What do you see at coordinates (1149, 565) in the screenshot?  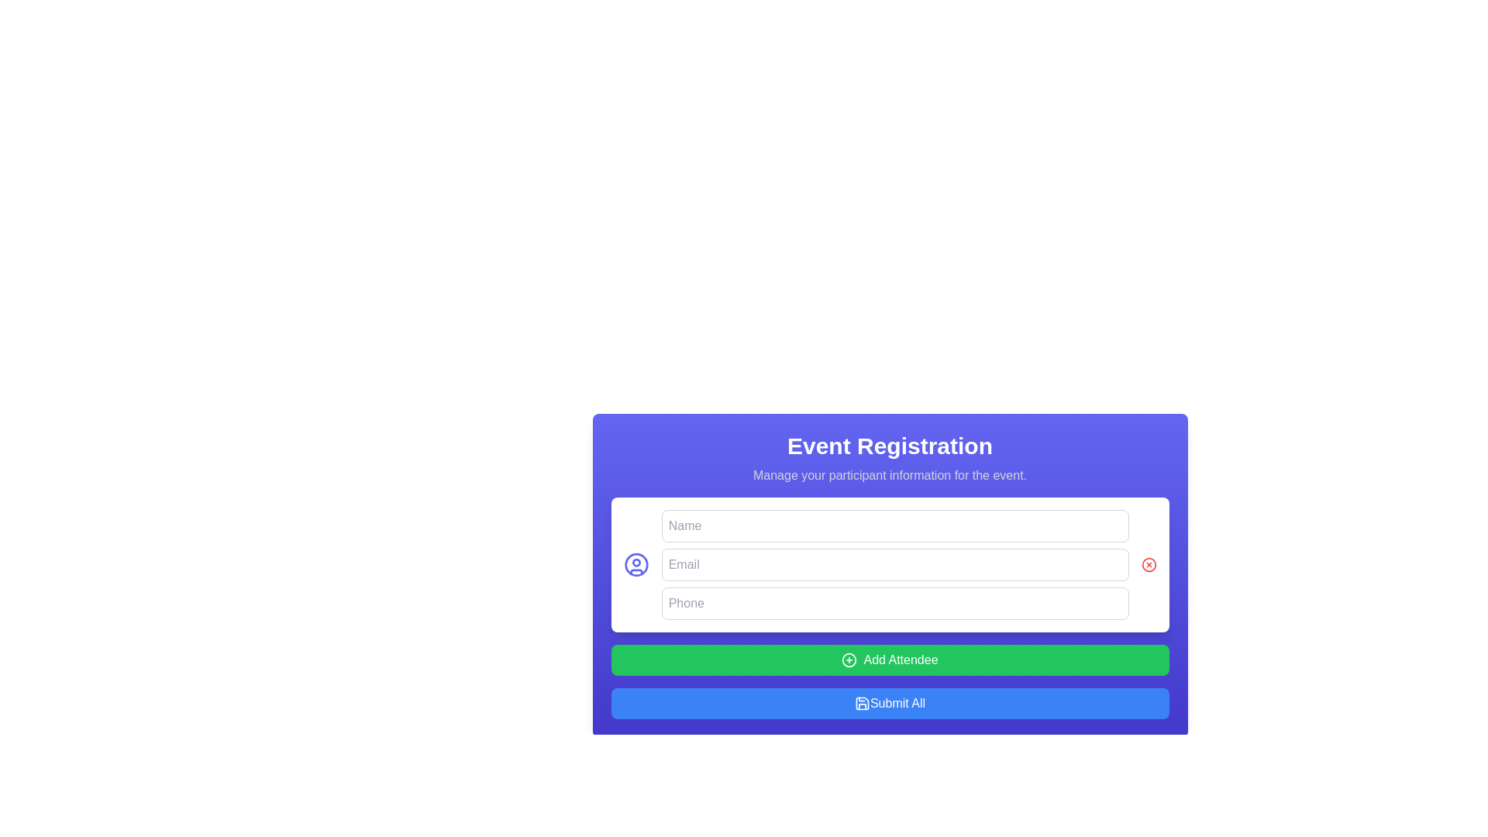 I see `the circular red 'X' button located at the far-right end of the 'Email' input field` at bounding box center [1149, 565].